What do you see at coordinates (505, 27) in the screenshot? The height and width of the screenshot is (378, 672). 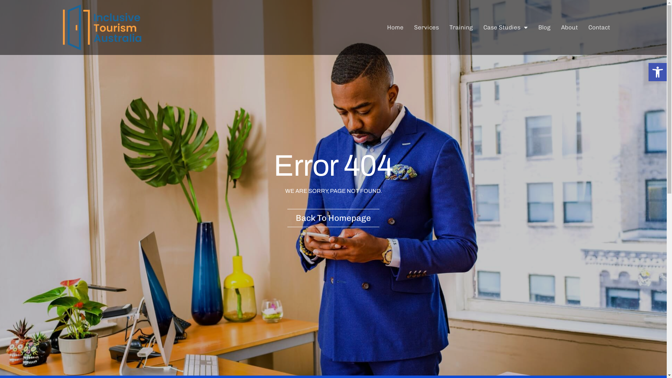 I see `'Case Studies'` at bounding box center [505, 27].